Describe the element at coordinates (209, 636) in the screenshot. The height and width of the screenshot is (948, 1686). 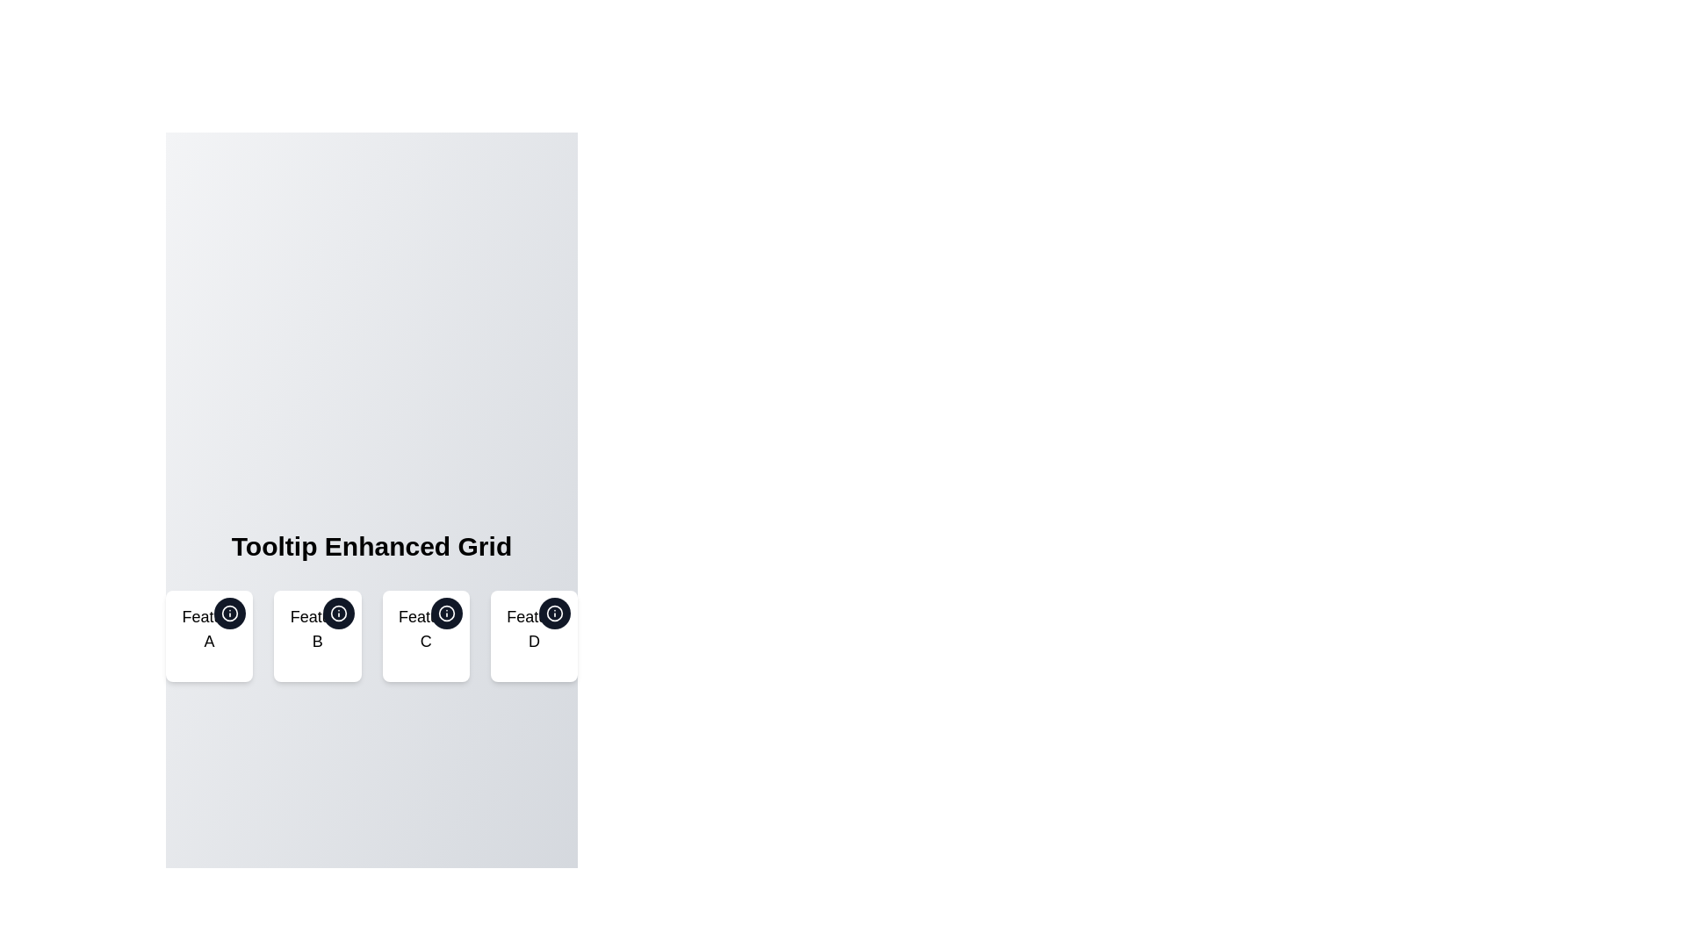
I see `displayed feature name 'Feature A' from the Information card with a tooltip icon, which is the first card in the horizontal grid under the heading 'Tooltip Enhanced Grid'` at that location.